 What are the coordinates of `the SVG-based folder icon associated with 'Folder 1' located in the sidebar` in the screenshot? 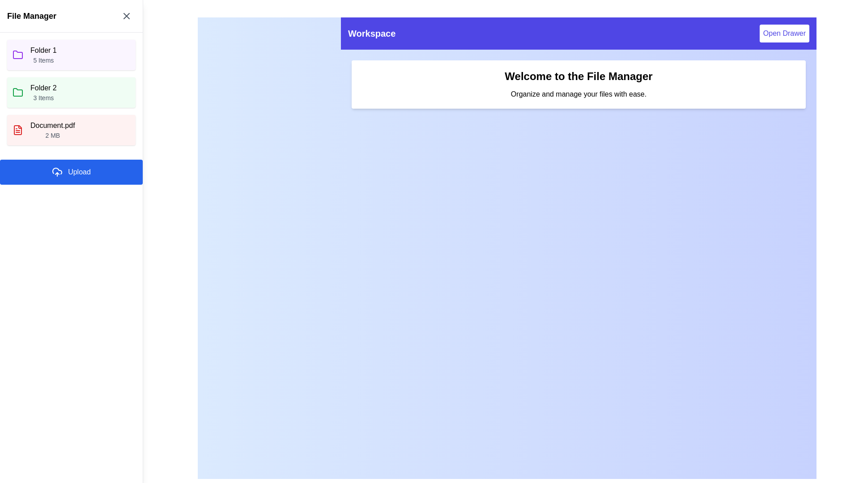 It's located at (17, 55).